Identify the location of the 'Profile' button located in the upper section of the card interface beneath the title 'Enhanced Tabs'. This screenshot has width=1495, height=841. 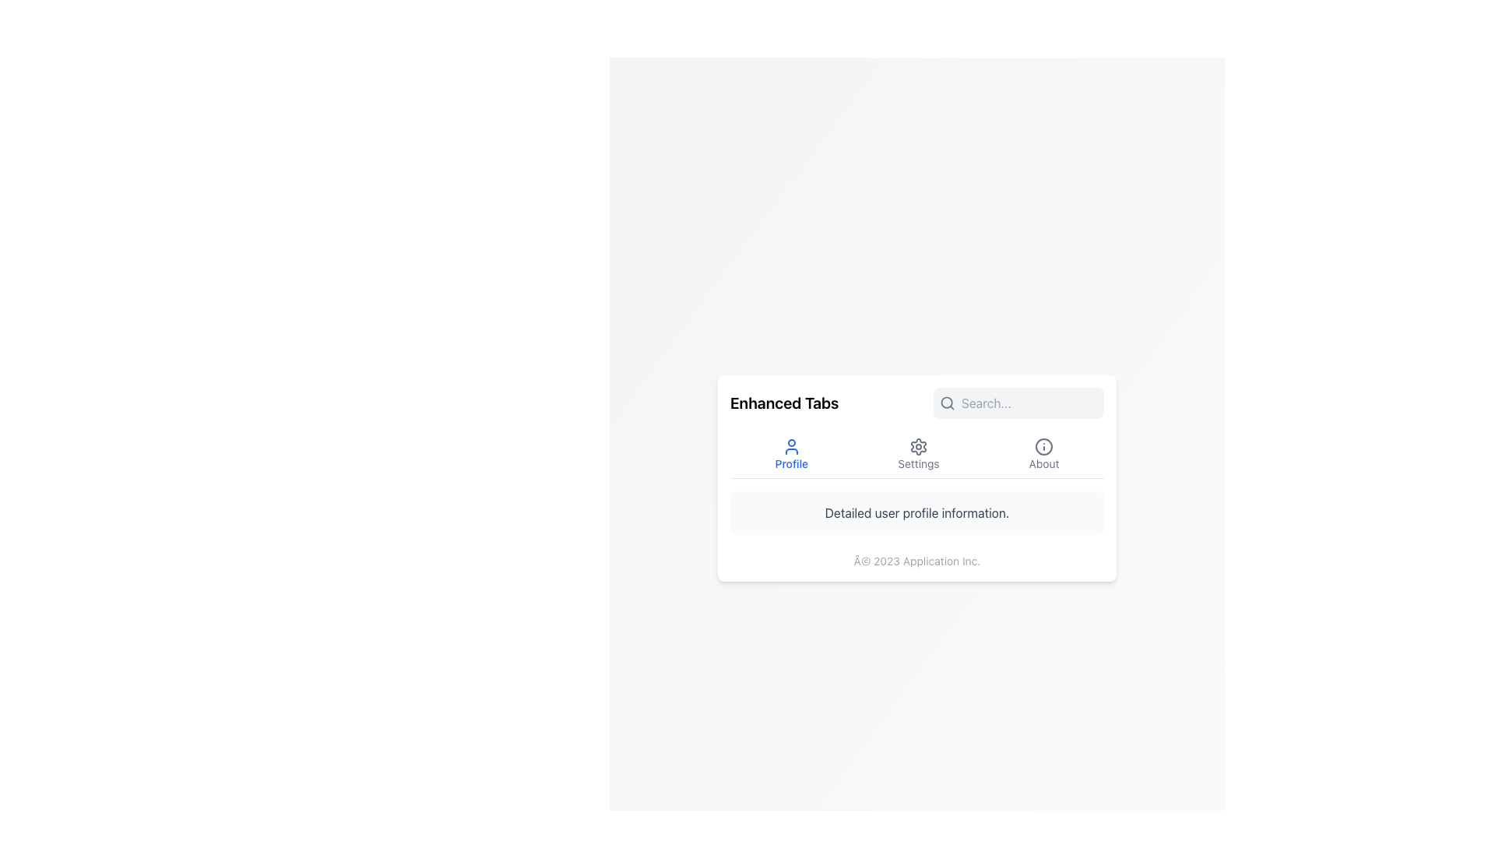
(791, 454).